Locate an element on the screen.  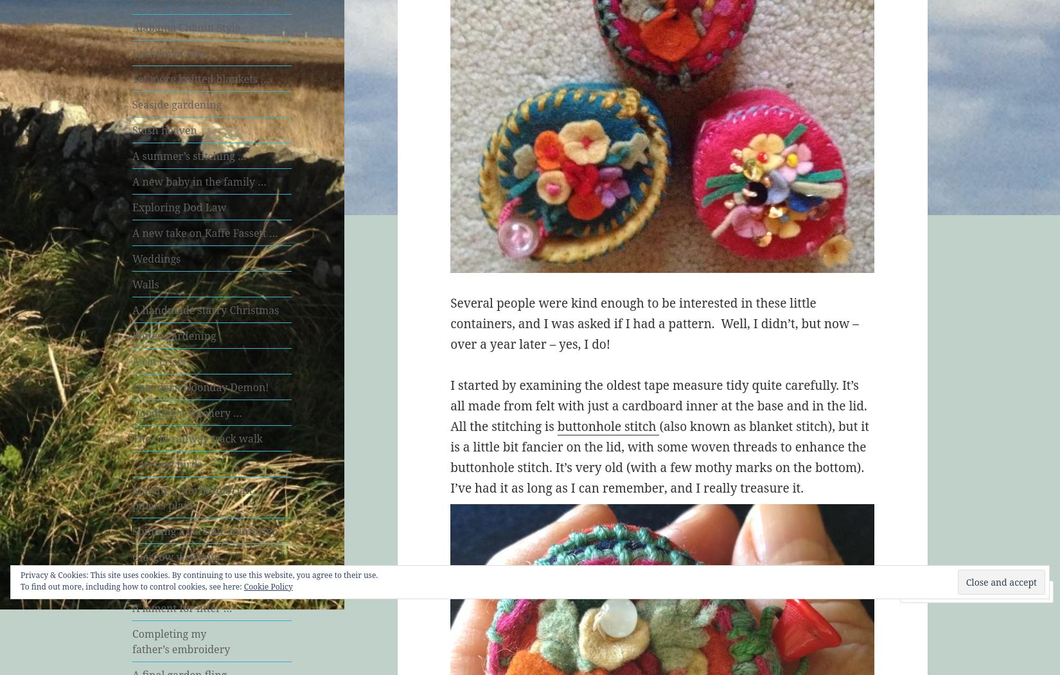
'Glasgow weekend' is located at coordinates (132, 556).